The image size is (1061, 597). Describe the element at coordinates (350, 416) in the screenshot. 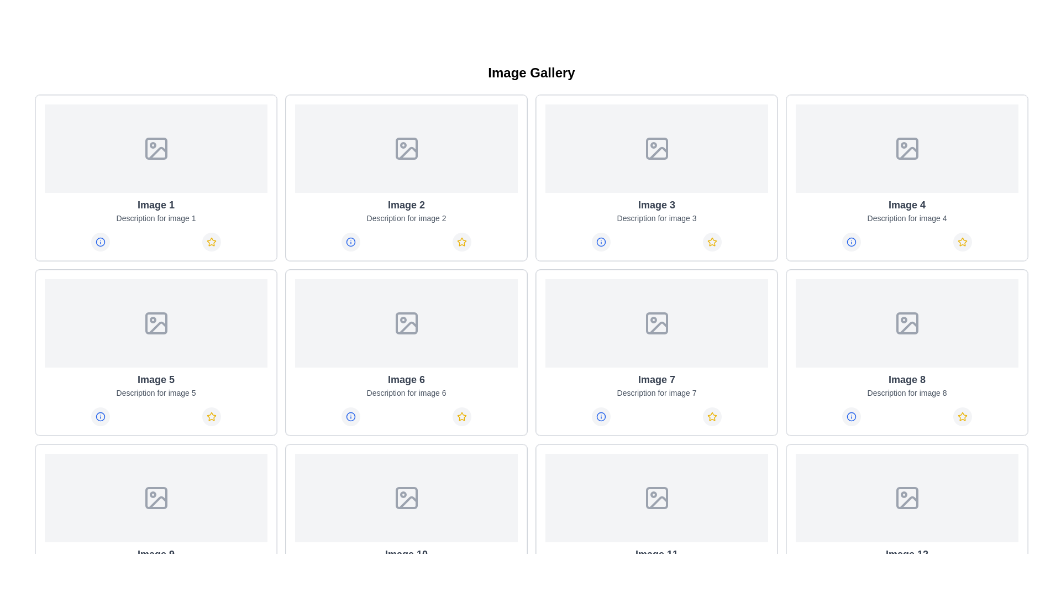

I see `the information button located in the sixth image card, which is positioned below 'Image 6' and to the left of the star button` at that location.